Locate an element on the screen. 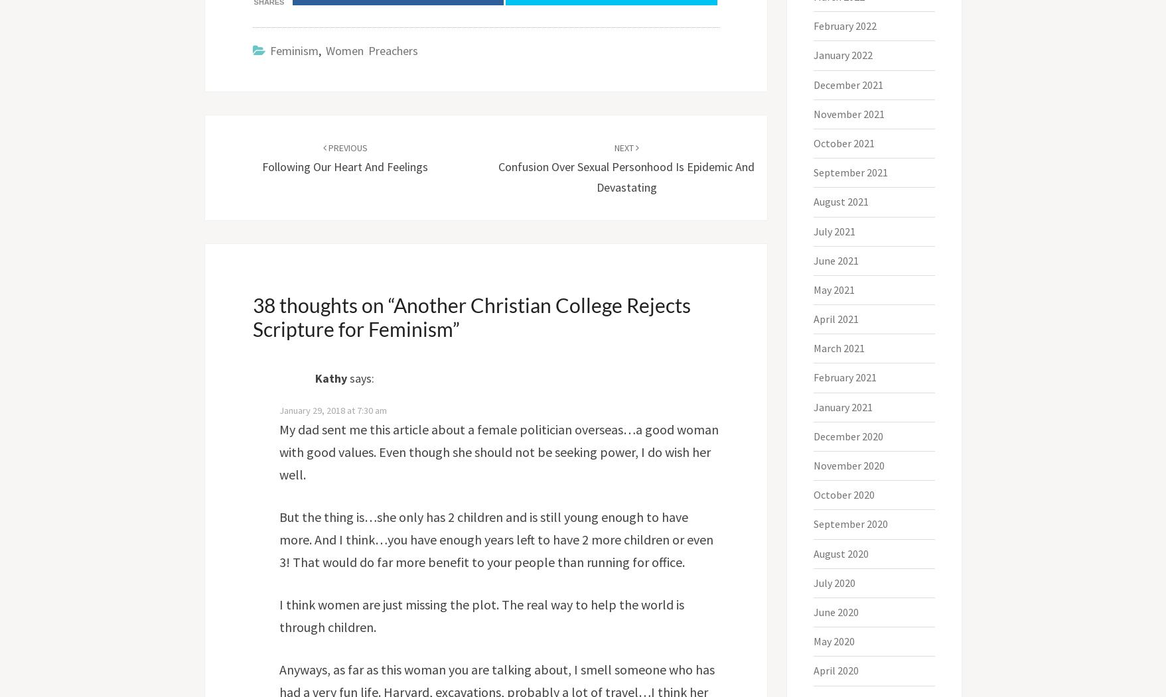 The height and width of the screenshot is (697, 1166). 'January 2021' is located at coordinates (843, 406).